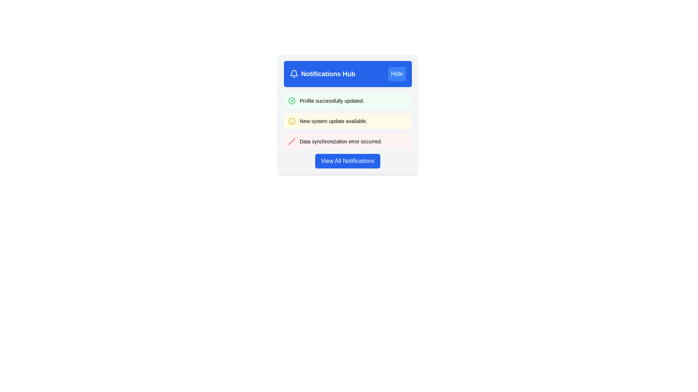  I want to click on error message text displayed in the notification card, which indicates a problem related to data synchronization, so click(340, 141).